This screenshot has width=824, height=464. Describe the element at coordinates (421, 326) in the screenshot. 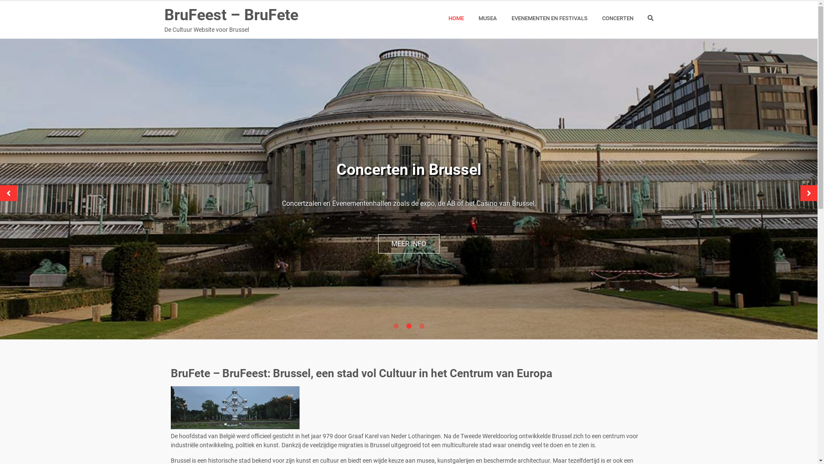

I see `'3'` at that location.